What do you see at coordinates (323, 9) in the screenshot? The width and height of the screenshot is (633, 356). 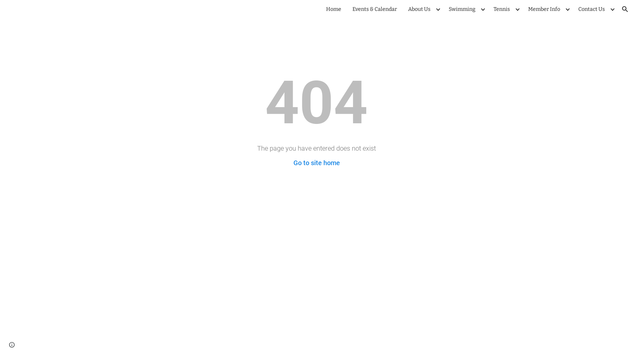 I see `'Home'` at bounding box center [323, 9].